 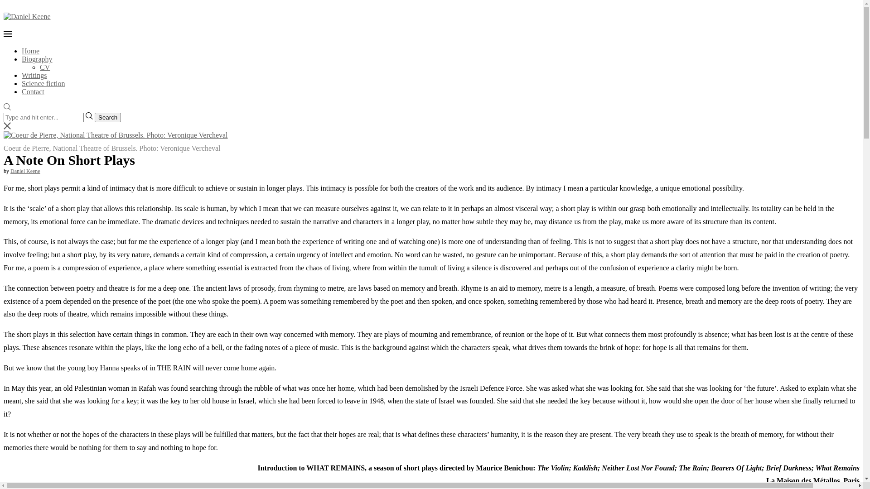 What do you see at coordinates (33, 91) in the screenshot?
I see `'Contact'` at bounding box center [33, 91].